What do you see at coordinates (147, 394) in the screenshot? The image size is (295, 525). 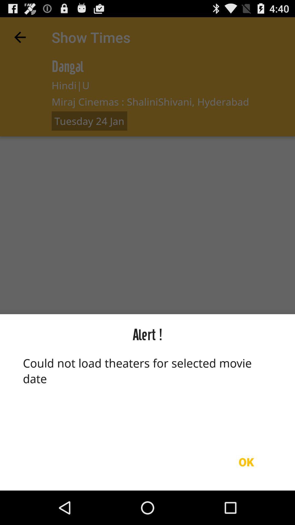 I see `could not load at the bottom` at bounding box center [147, 394].